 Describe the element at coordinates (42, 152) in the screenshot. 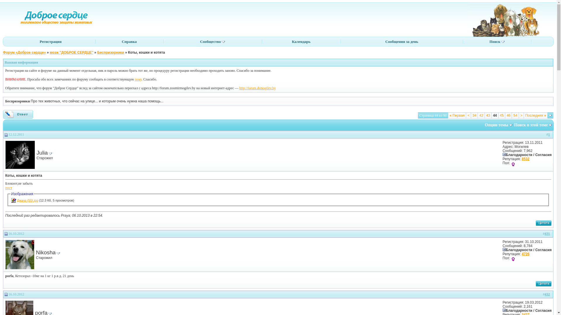

I see `'Julia'` at that location.